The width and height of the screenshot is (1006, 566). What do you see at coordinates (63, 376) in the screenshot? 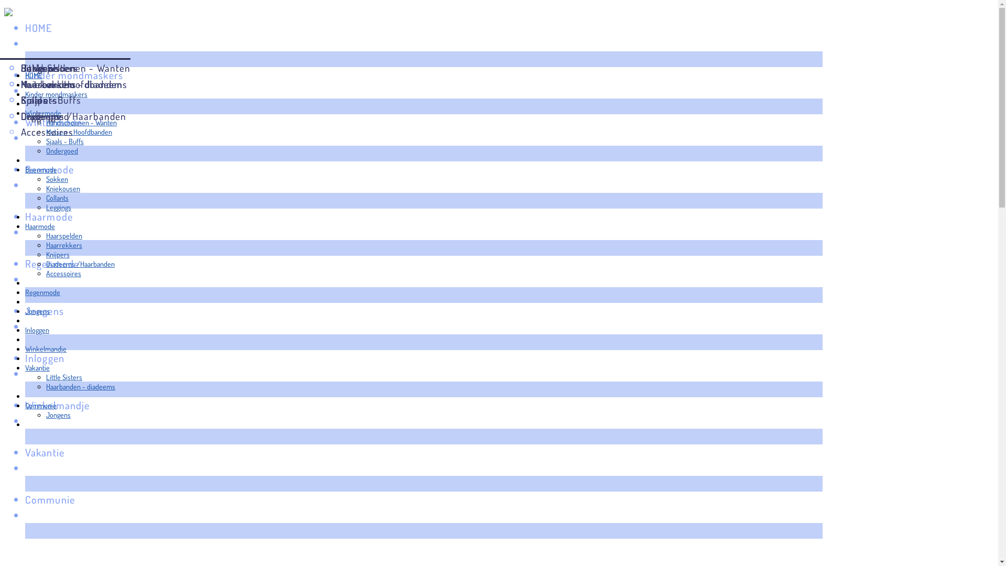
I see `'Little Sisters'` at bounding box center [63, 376].